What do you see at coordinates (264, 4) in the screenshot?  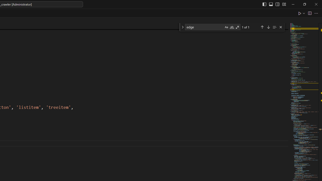 I see `'Toggle Primary Side Bar (Ctrl+B)'` at bounding box center [264, 4].